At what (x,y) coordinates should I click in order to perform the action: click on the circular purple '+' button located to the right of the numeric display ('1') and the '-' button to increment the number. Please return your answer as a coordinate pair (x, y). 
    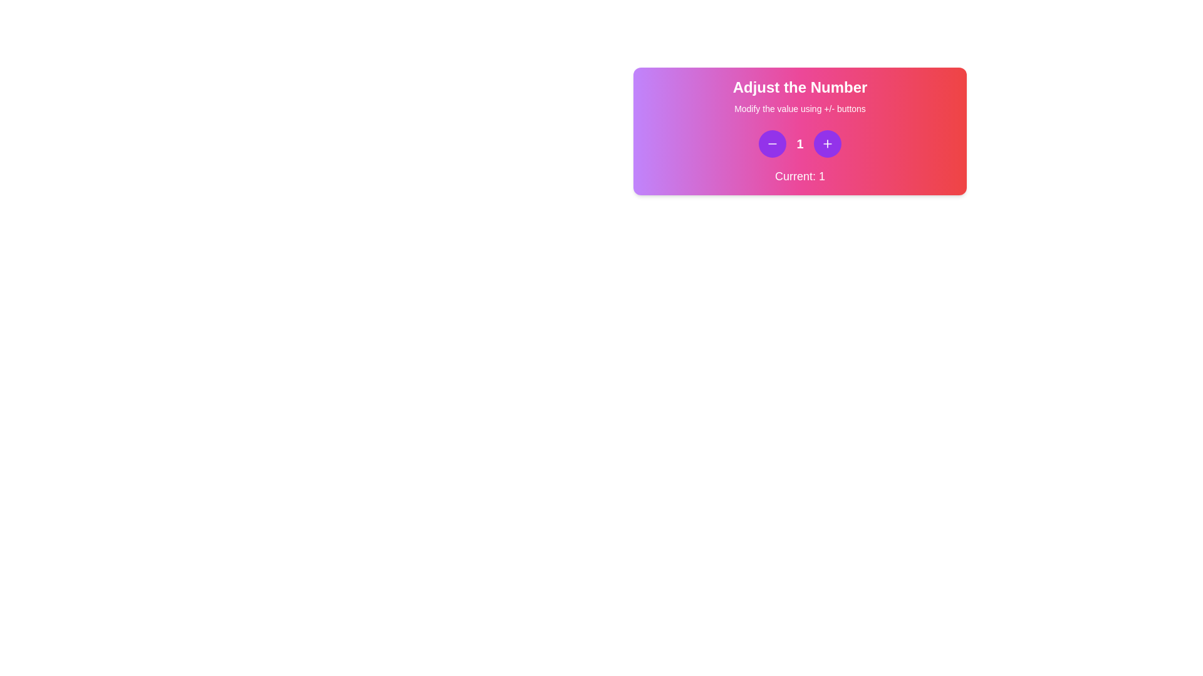
    Looking at the image, I should click on (827, 143).